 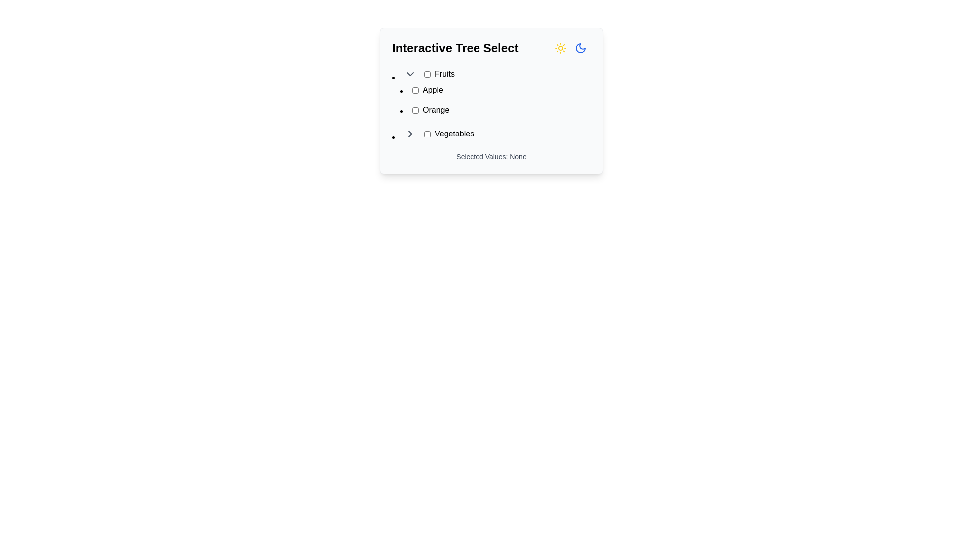 What do you see at coordinates (560, 48) in the screenshot?
I see `the daylight or brightness toggle icon located near the top right corner of the 'Interactive Tree Select' panel` at bounding box center [560, 48].